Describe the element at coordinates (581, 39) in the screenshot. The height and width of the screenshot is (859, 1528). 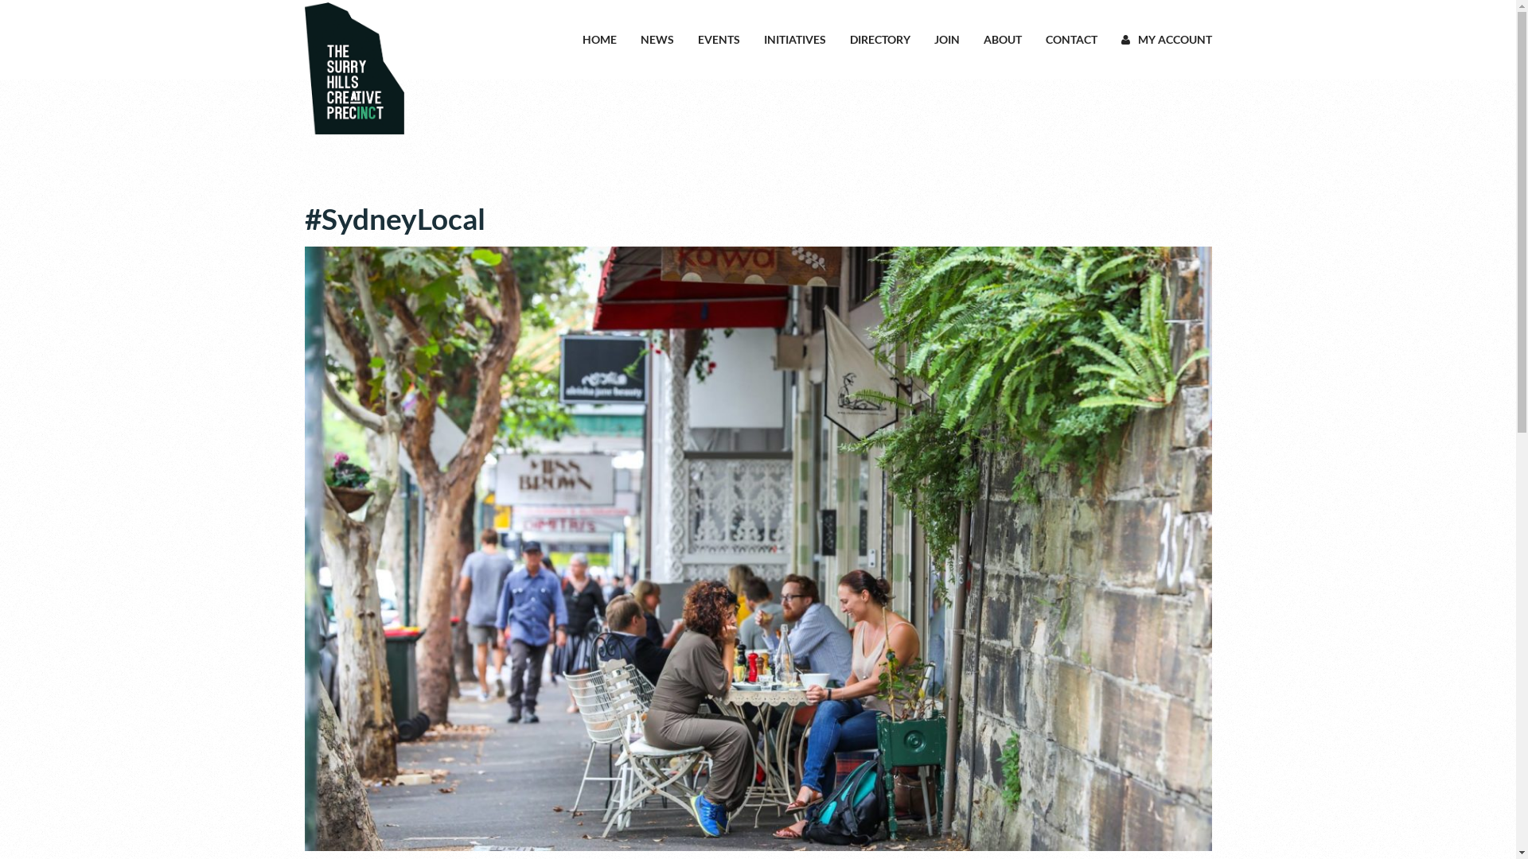
I see `'HOME'` at that location.